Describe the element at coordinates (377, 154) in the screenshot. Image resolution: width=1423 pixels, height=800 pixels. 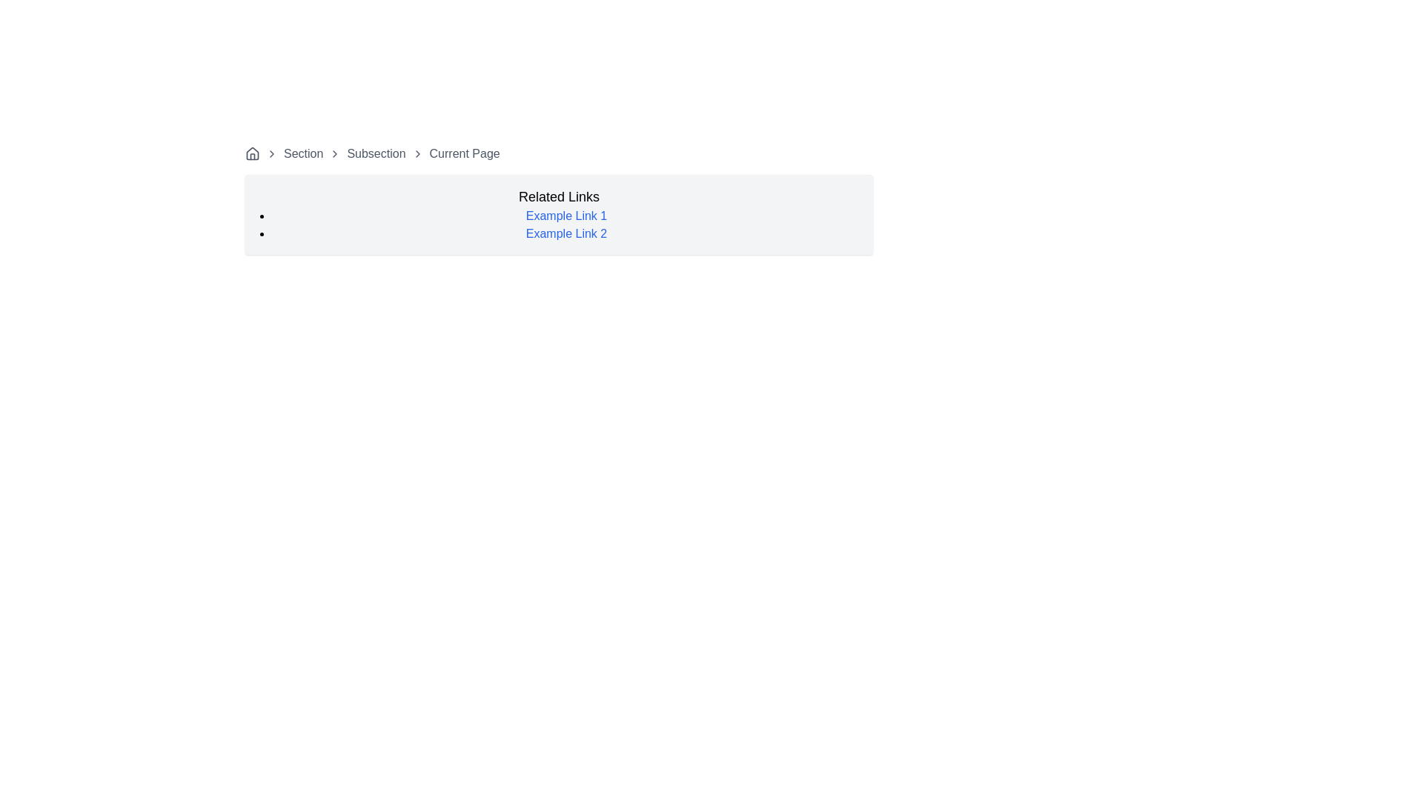
I see `the 'Subsection' breadcrumb link` at that location.